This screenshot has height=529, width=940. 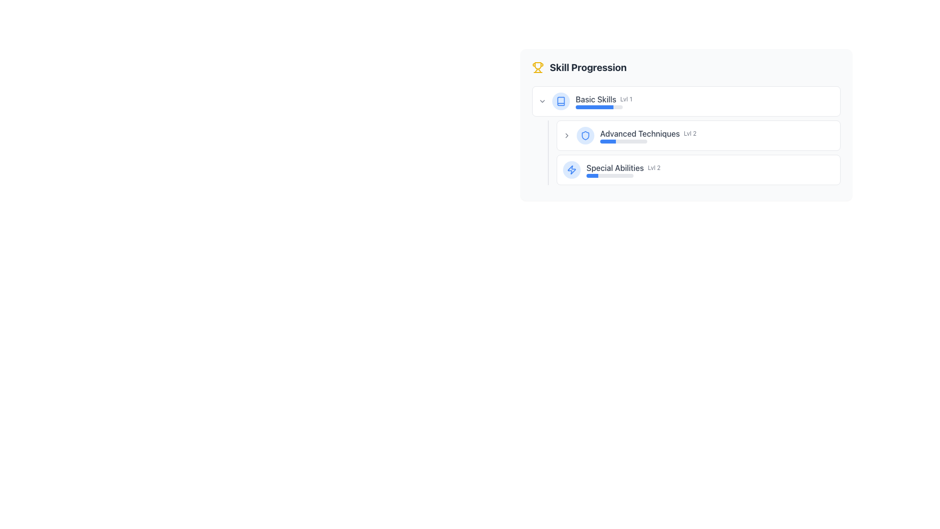 What do you see at coordinates (608, 142) in the screenshot?
I see `the blue filled segment of the progress bar representing progress next to the 'Advanced Techniques Lv 2' label in the 'Skill Progression' section` at bounding box center [608, 142].